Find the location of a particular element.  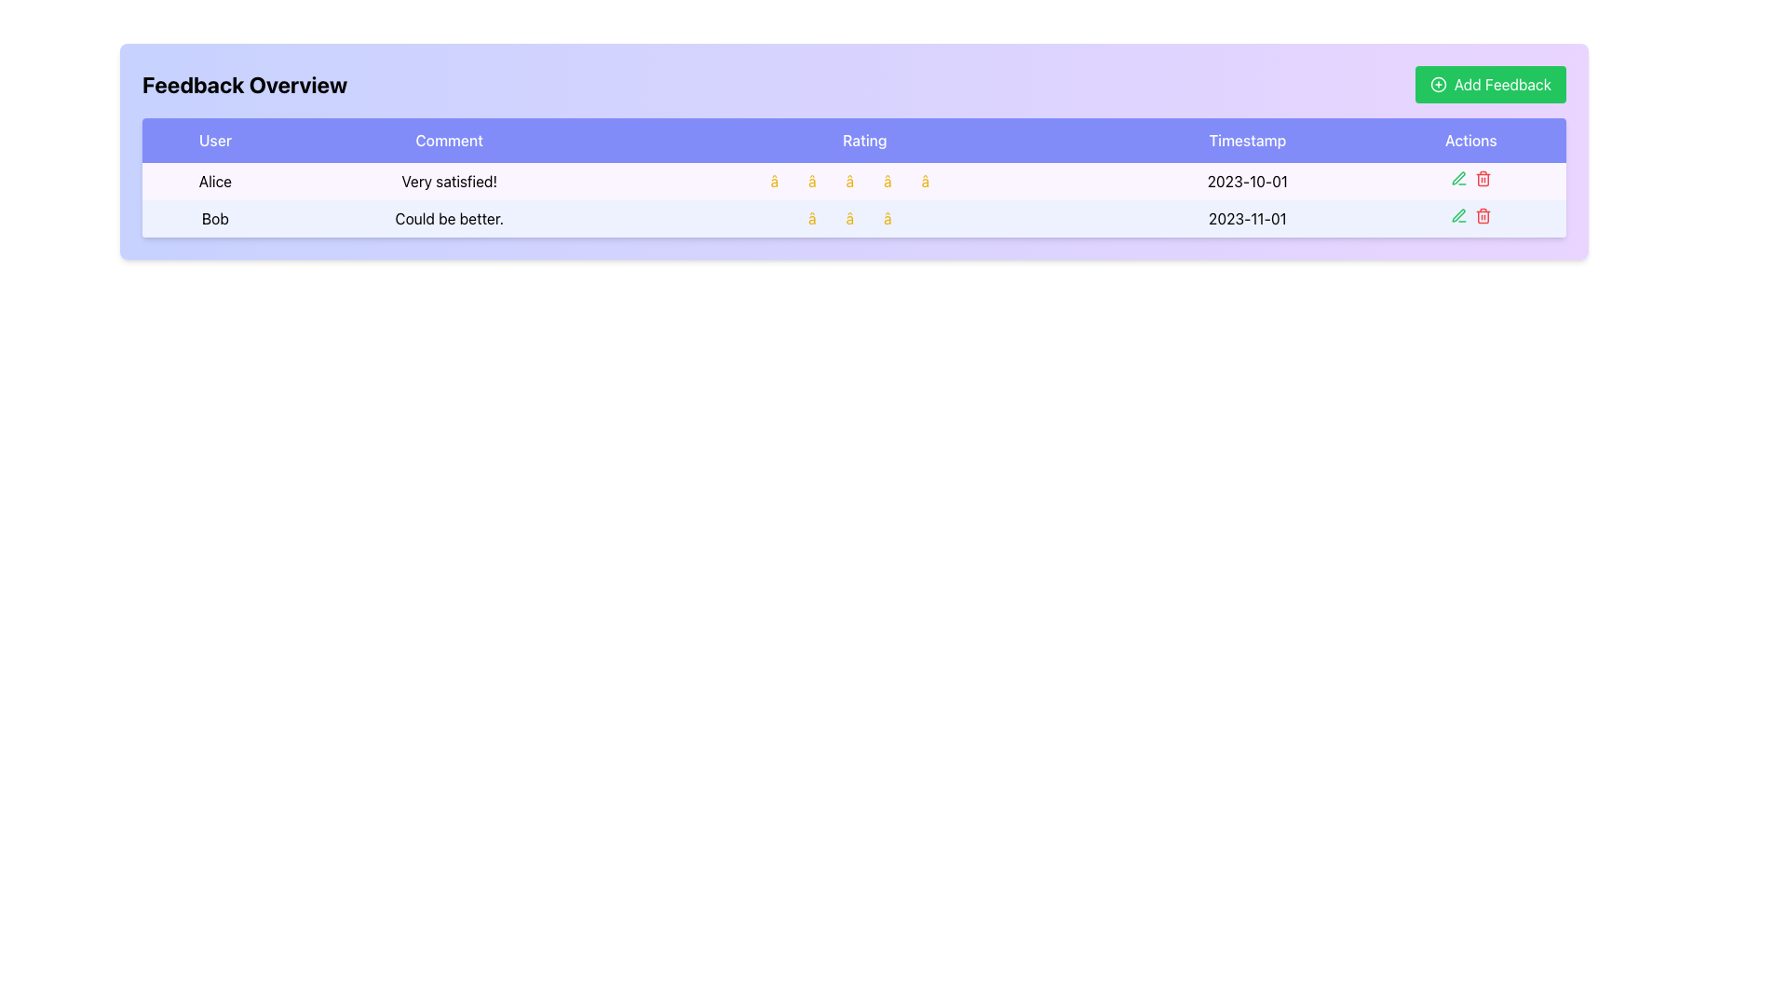

text of the 'Rating' column header, which is the third column header in a table with a blue background and white text is located at coordinates (853, 139).